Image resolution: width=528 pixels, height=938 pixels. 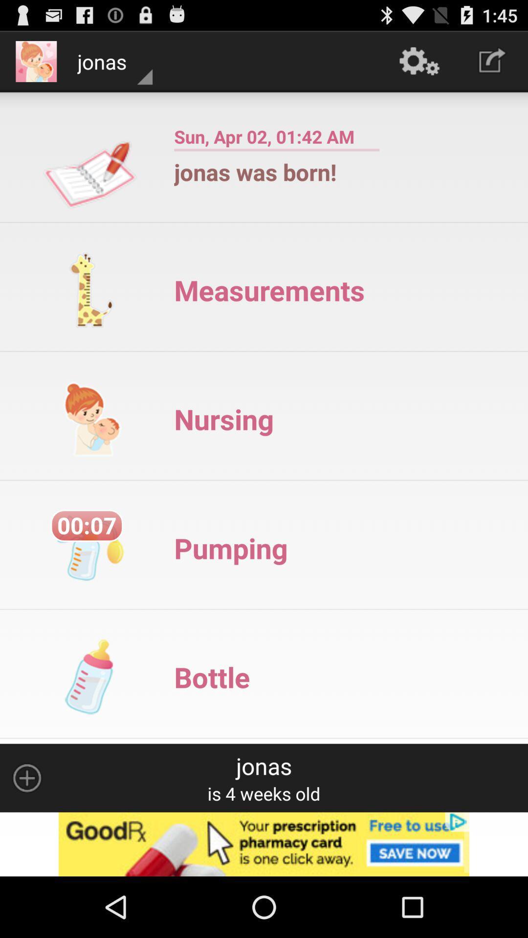 What do you see at coordinates (26, 777) in the screenshot?
I see `open options` at bounding box center [26, 777].